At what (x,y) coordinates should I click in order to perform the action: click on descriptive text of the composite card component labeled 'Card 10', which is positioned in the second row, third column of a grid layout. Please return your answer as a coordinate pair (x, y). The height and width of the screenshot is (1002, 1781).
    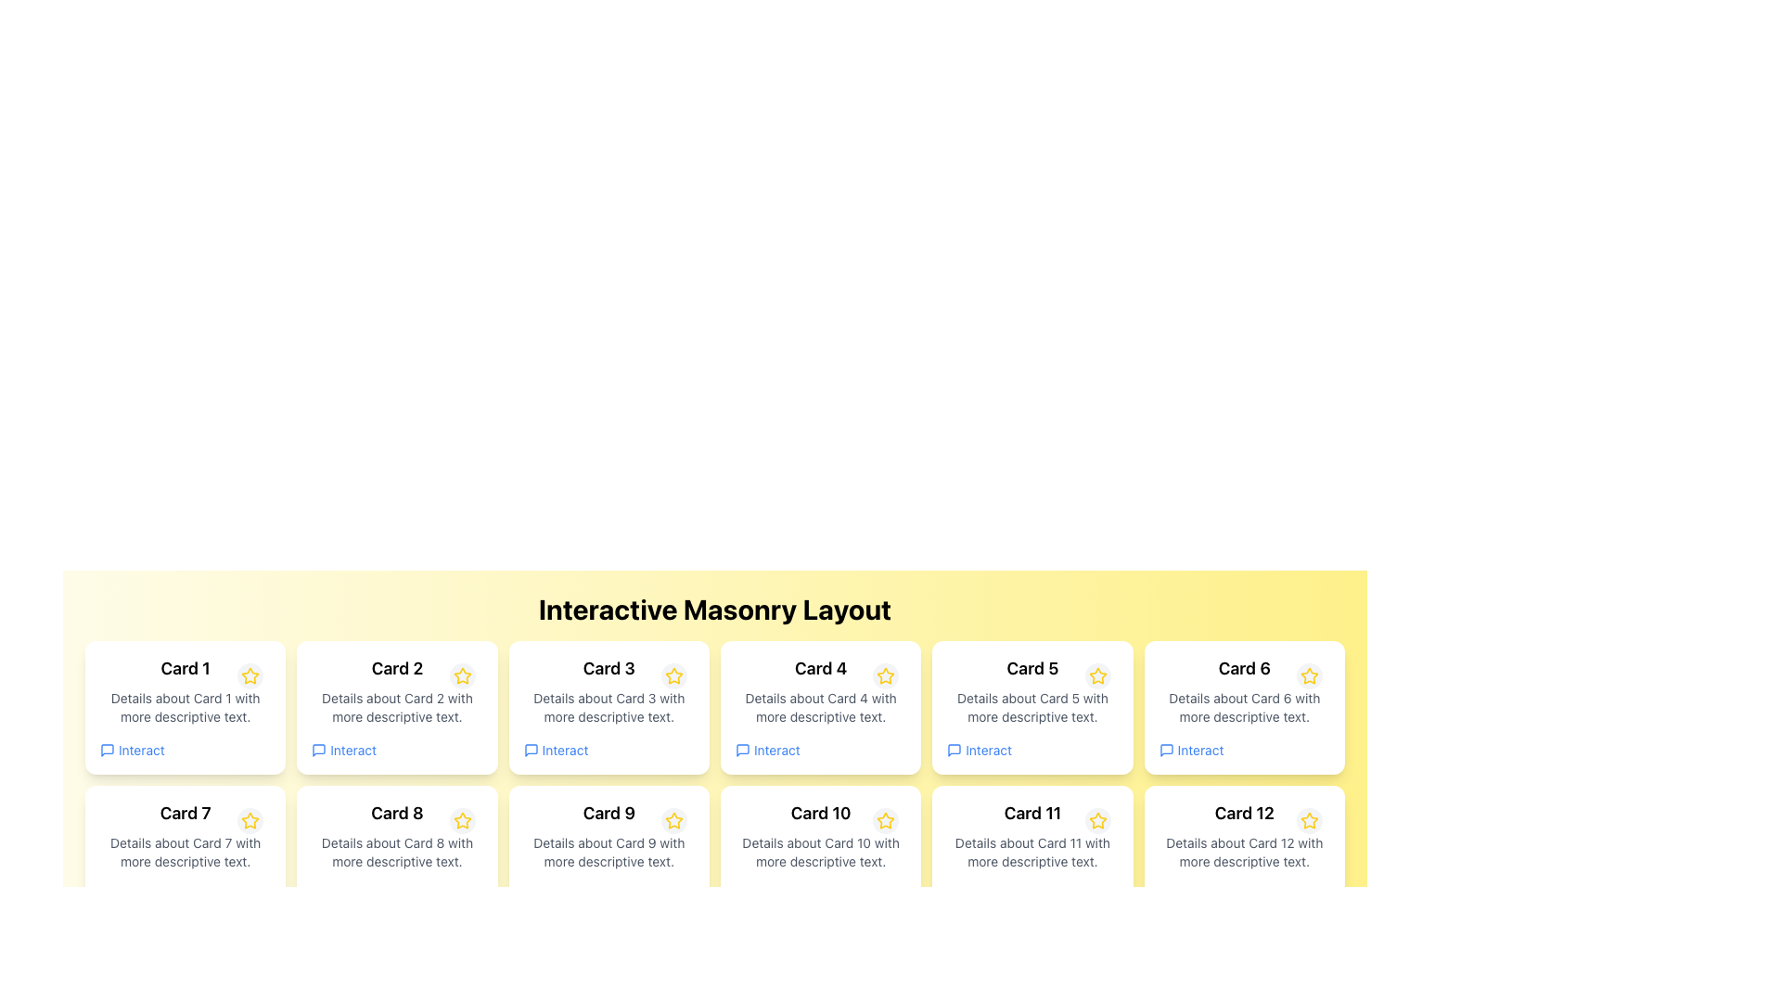
    Looking at the image, I should click on (820, 852).